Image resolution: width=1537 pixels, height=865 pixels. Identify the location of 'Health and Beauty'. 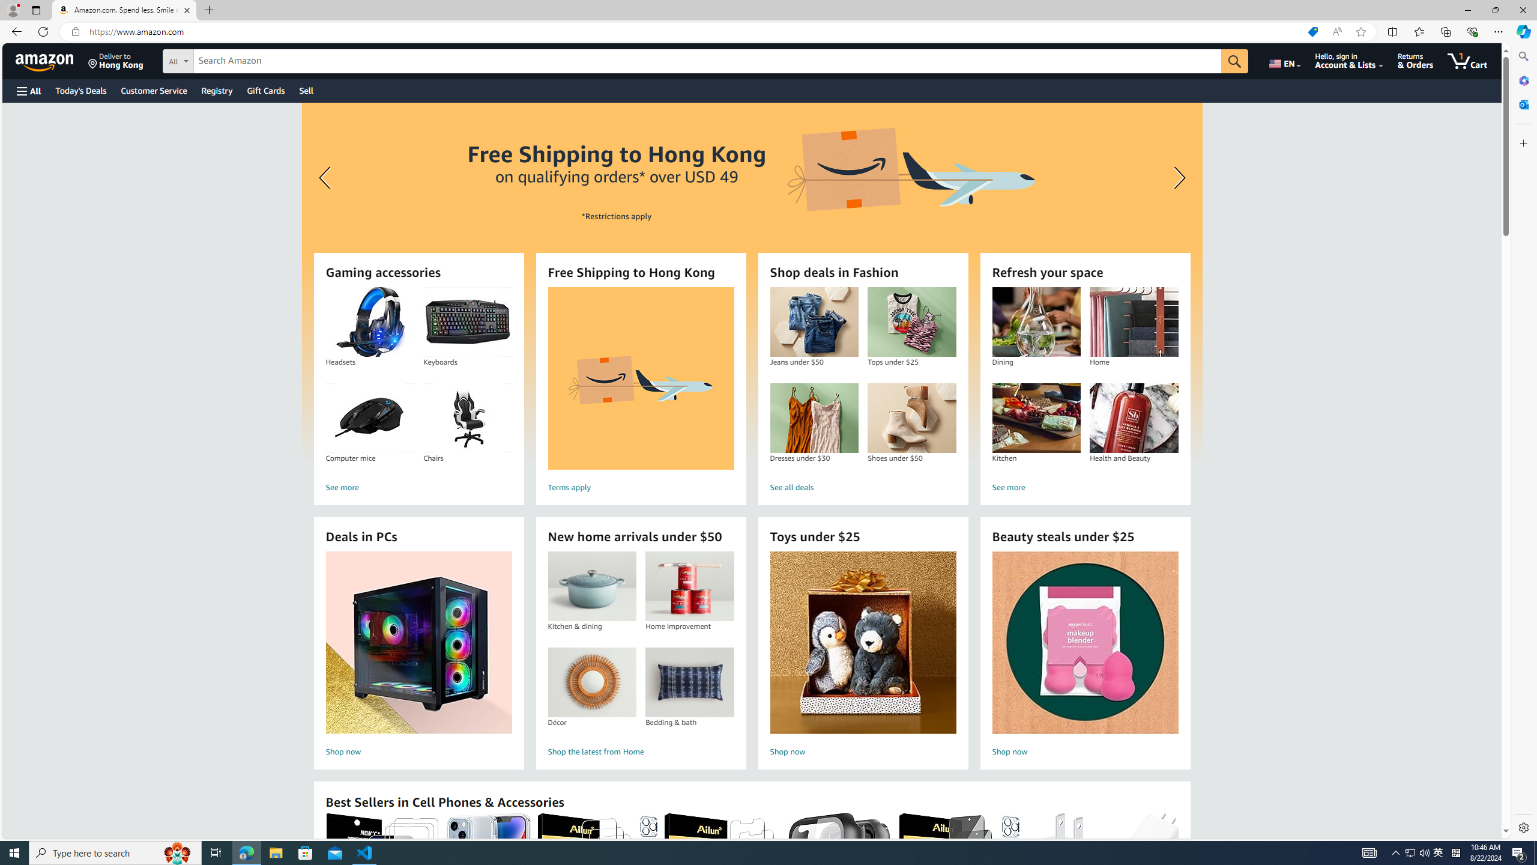
(1134, 418).